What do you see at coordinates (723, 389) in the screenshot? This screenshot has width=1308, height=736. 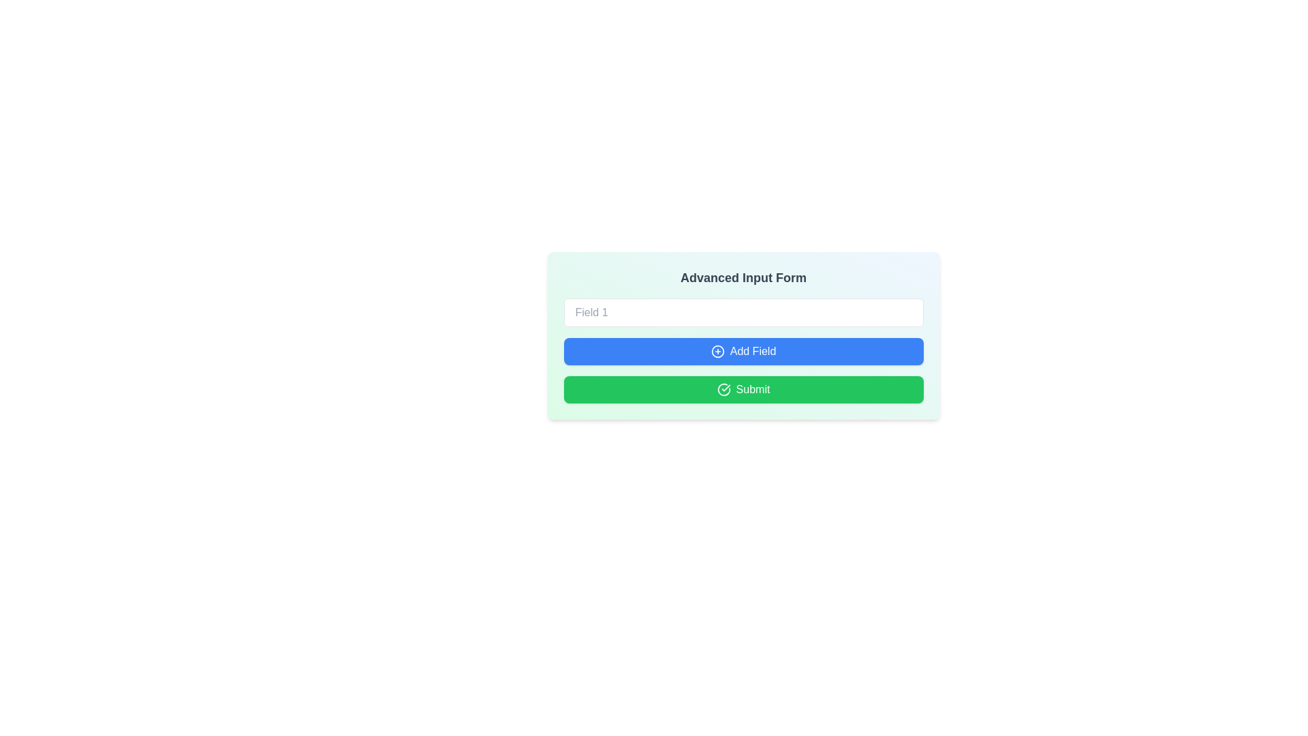 I see `the 'Submit' button which contains the success icon on the left side of the text` at bounding box center [723, 389].